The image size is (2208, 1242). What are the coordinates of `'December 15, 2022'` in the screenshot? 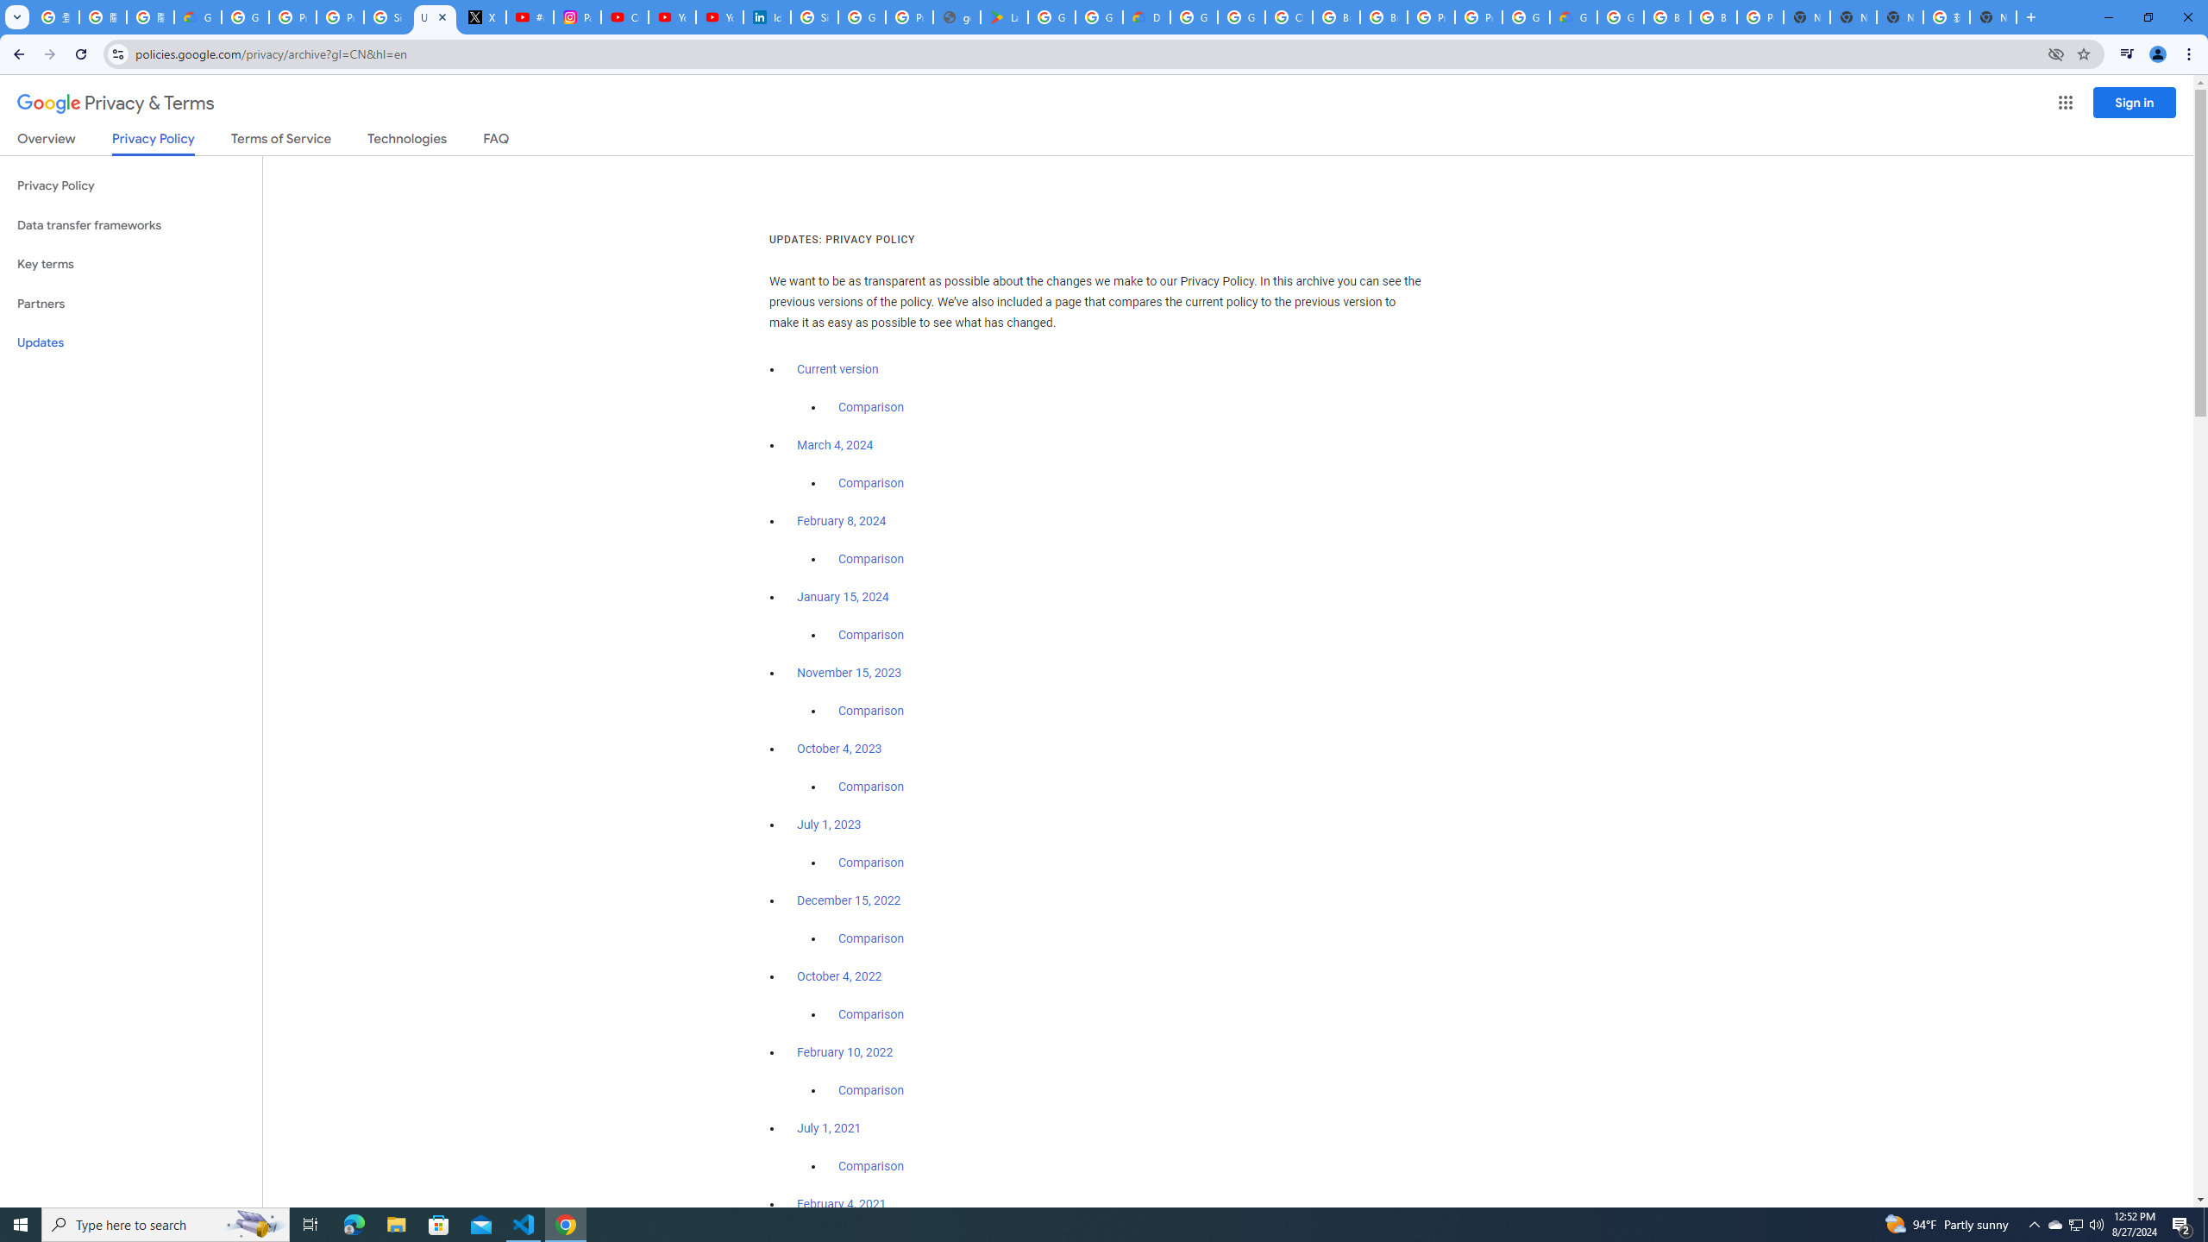 It's located at (848, 900).